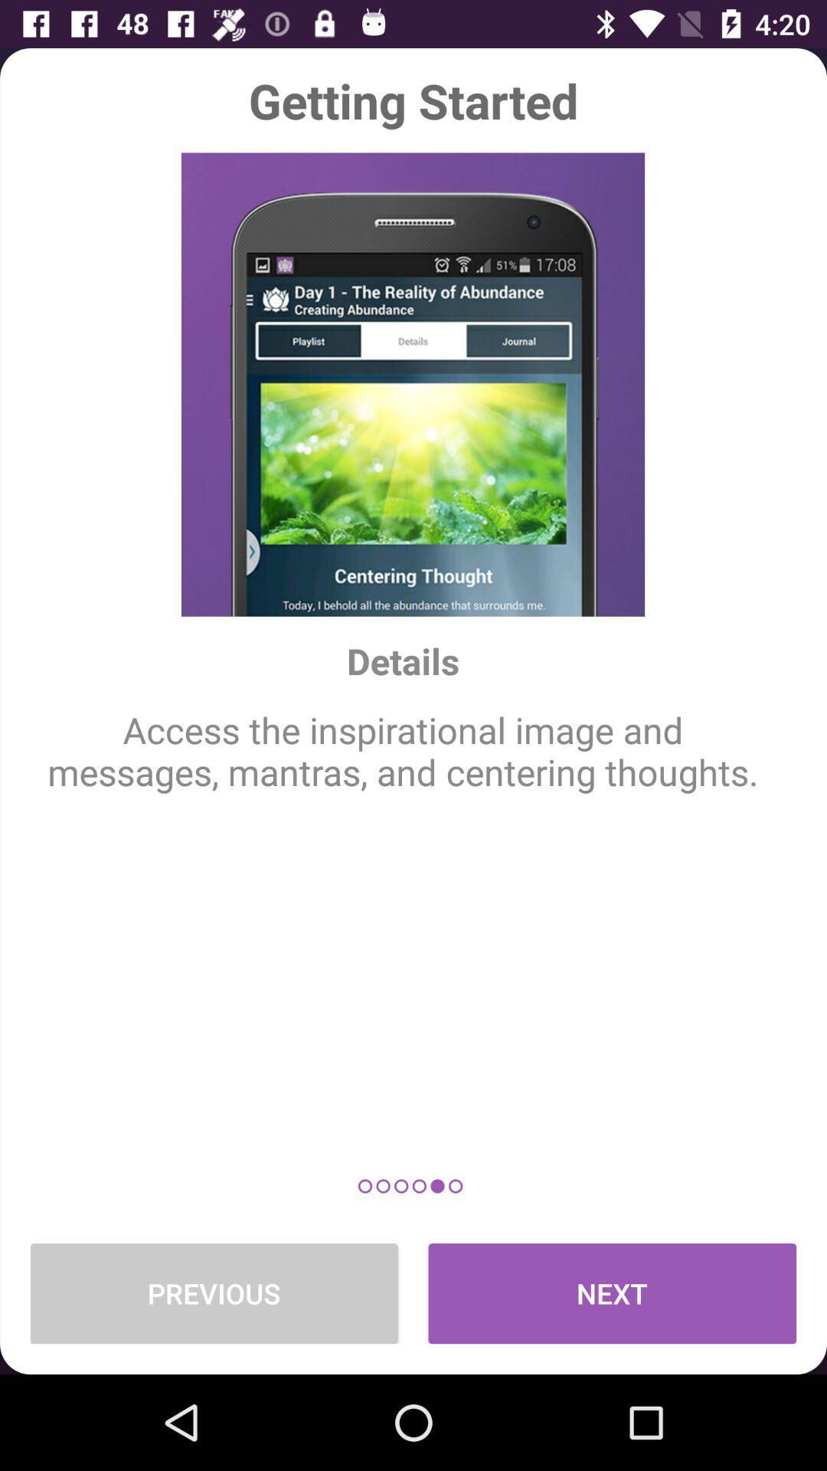  Describe the element at coordinates (214, 1292) in the screenshot. I see `icon to the left of the next icon` at that location.